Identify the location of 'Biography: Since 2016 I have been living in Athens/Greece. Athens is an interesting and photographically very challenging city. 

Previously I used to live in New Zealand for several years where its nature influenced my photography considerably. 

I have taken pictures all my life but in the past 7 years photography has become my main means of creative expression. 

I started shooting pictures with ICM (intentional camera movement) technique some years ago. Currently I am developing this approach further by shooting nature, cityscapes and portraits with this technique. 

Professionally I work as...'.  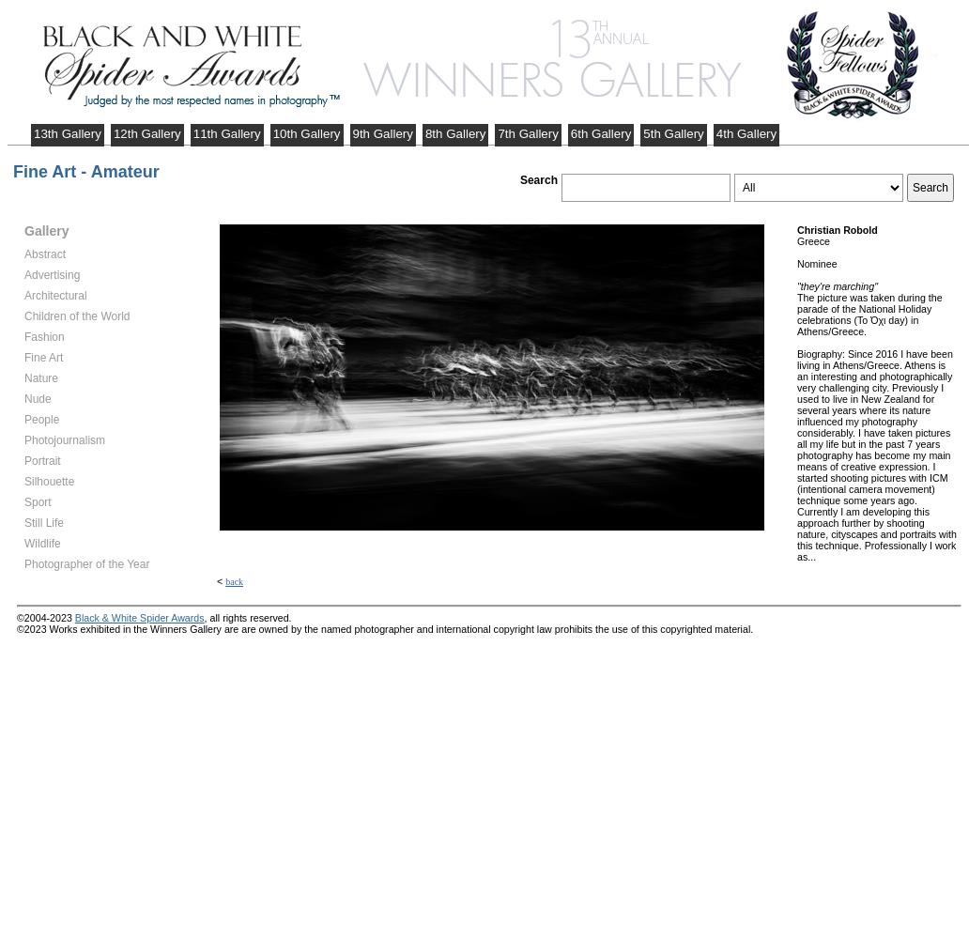
(875, 454).